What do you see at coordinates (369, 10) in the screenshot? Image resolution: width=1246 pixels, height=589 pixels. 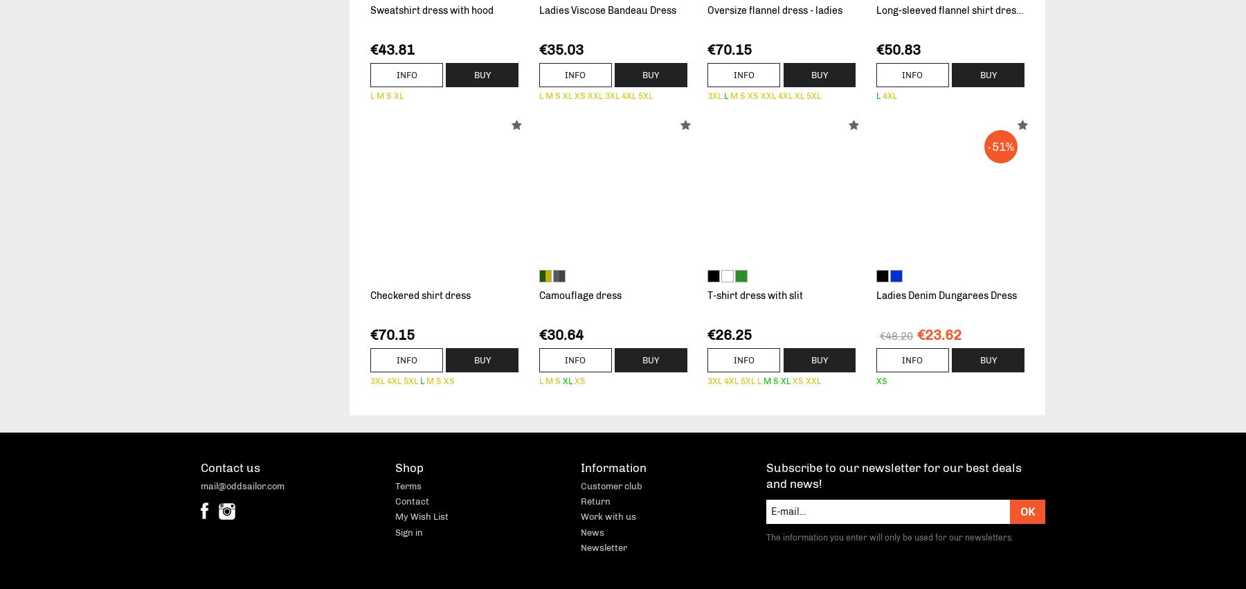 I see `'Sweatshirt dress with hood'` at bounding box center [369, 10].